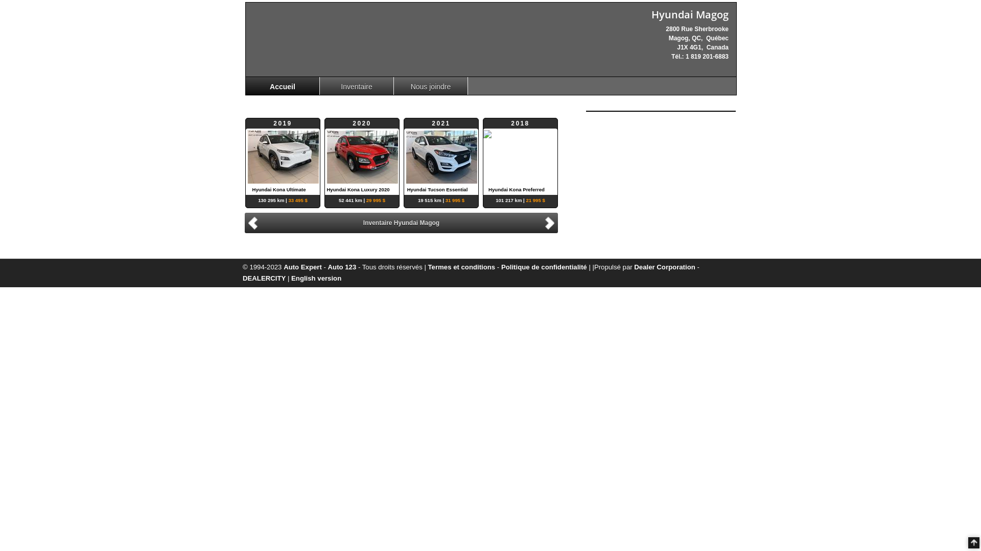 This screenshot has width=981, height=551. Describe the element at coordinates (482, 157) in the screenshot. I see `'2018` at that location.